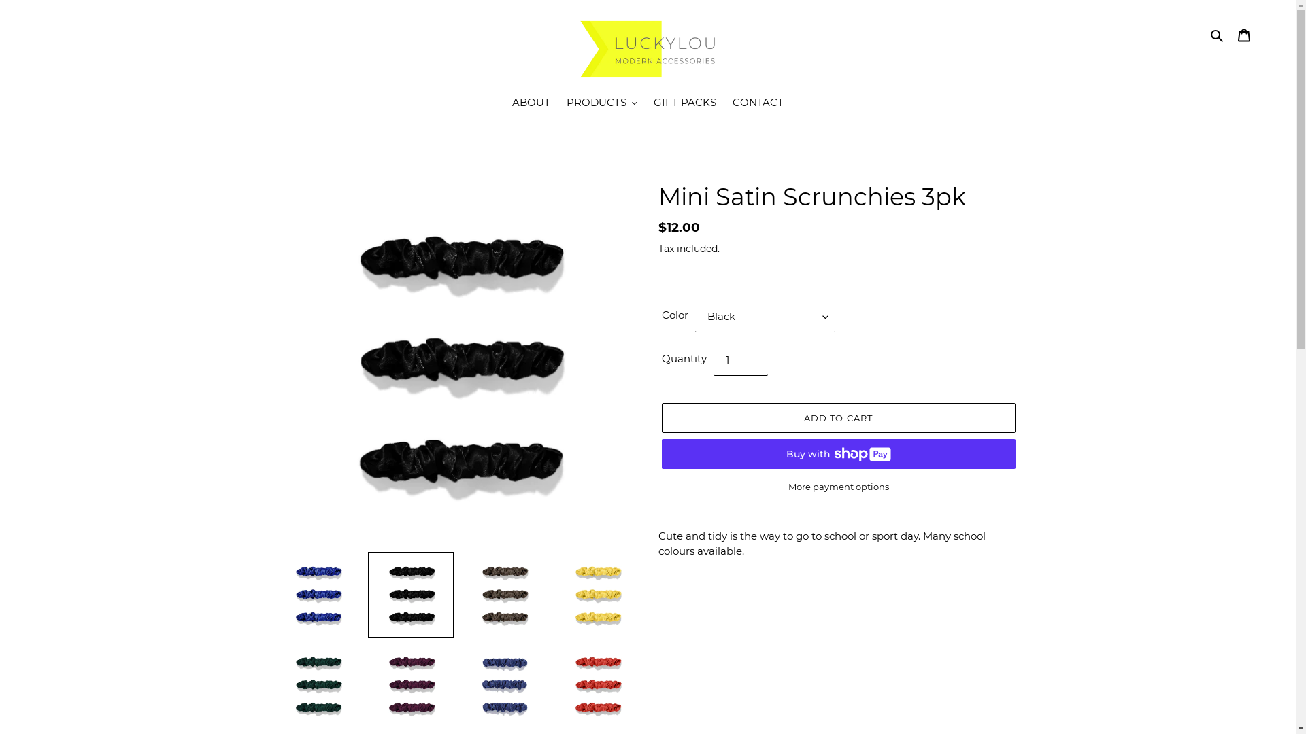  Describe the element at coordinates (531, 103) in the screenshot. I see `'ABOUT'` at that location.